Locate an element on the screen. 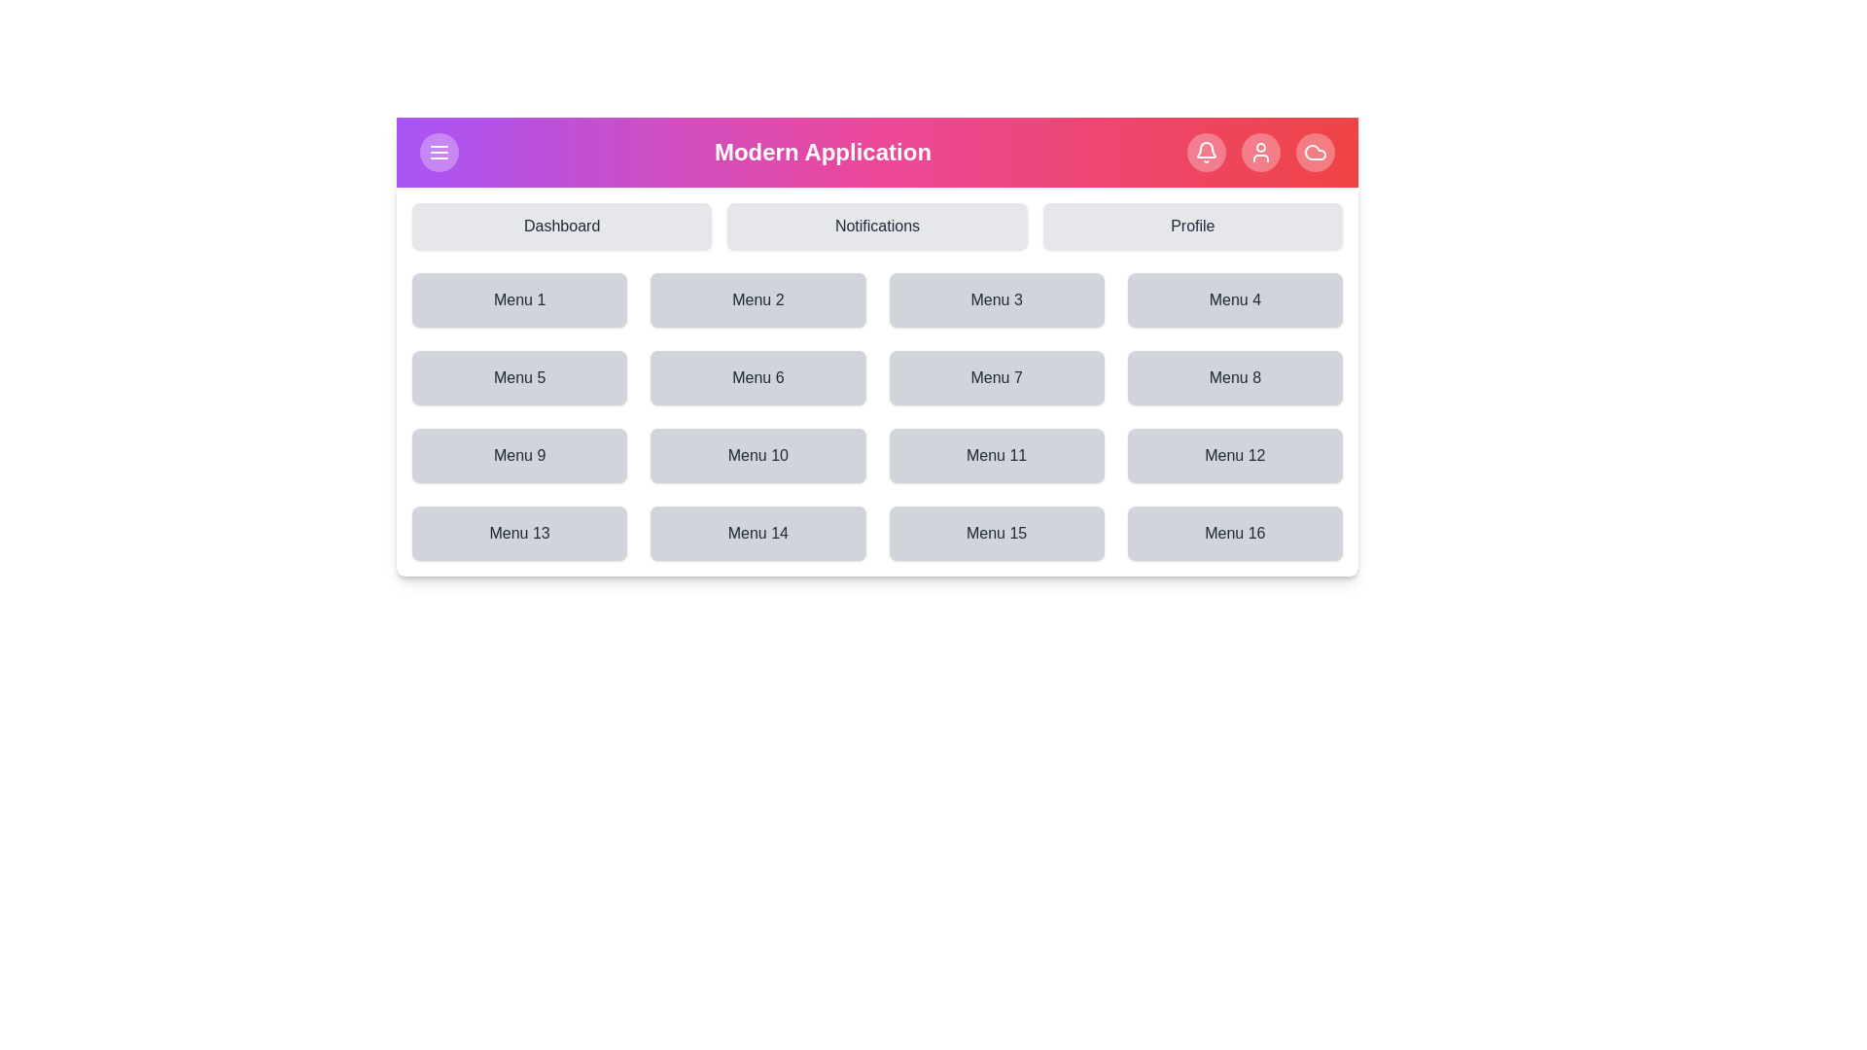  the Bell icon in the top navigation bar is located at coordinates (1205, 152).